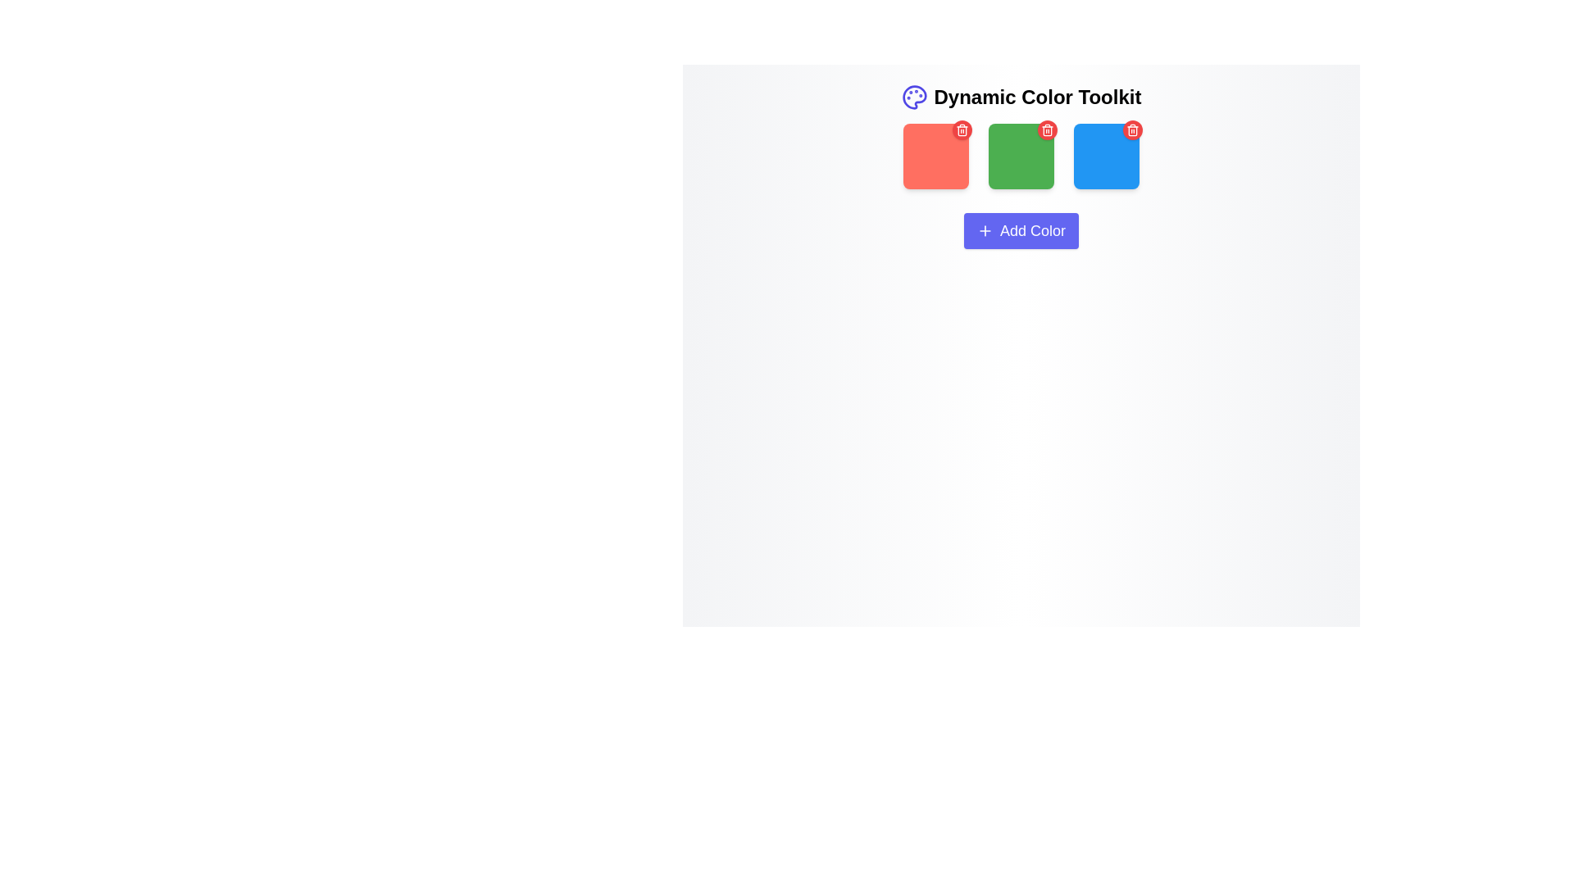 Image resolution: width=1574 pixels, height=885 pixels. I want to click on the delete button located in the top-right corner of the green square to observe the hover effect, so click(1046, 129).